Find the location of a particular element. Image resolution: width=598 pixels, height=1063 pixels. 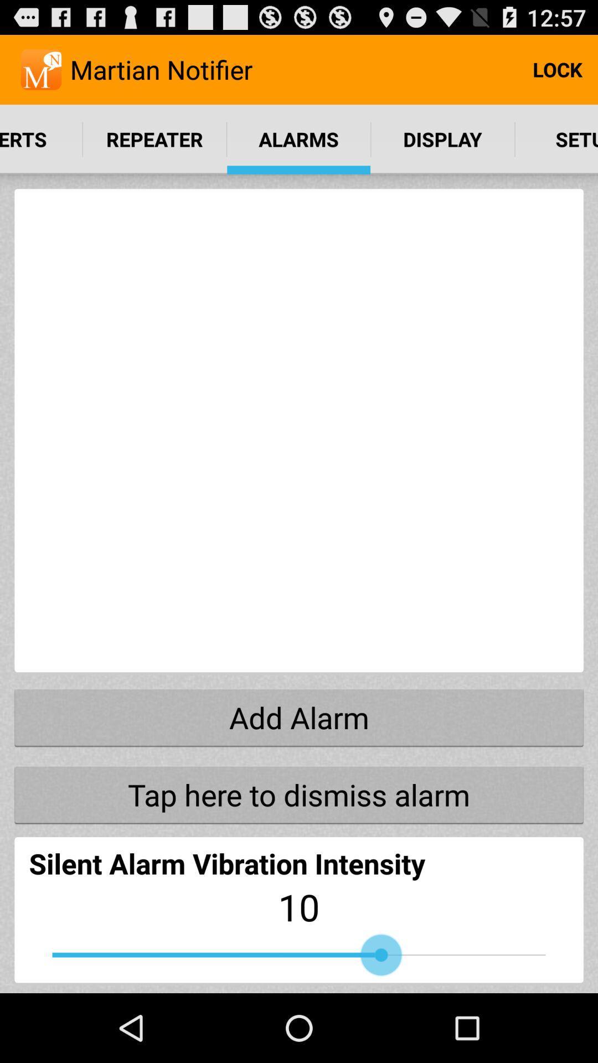

tap here to is located at coordinates (299, 794).